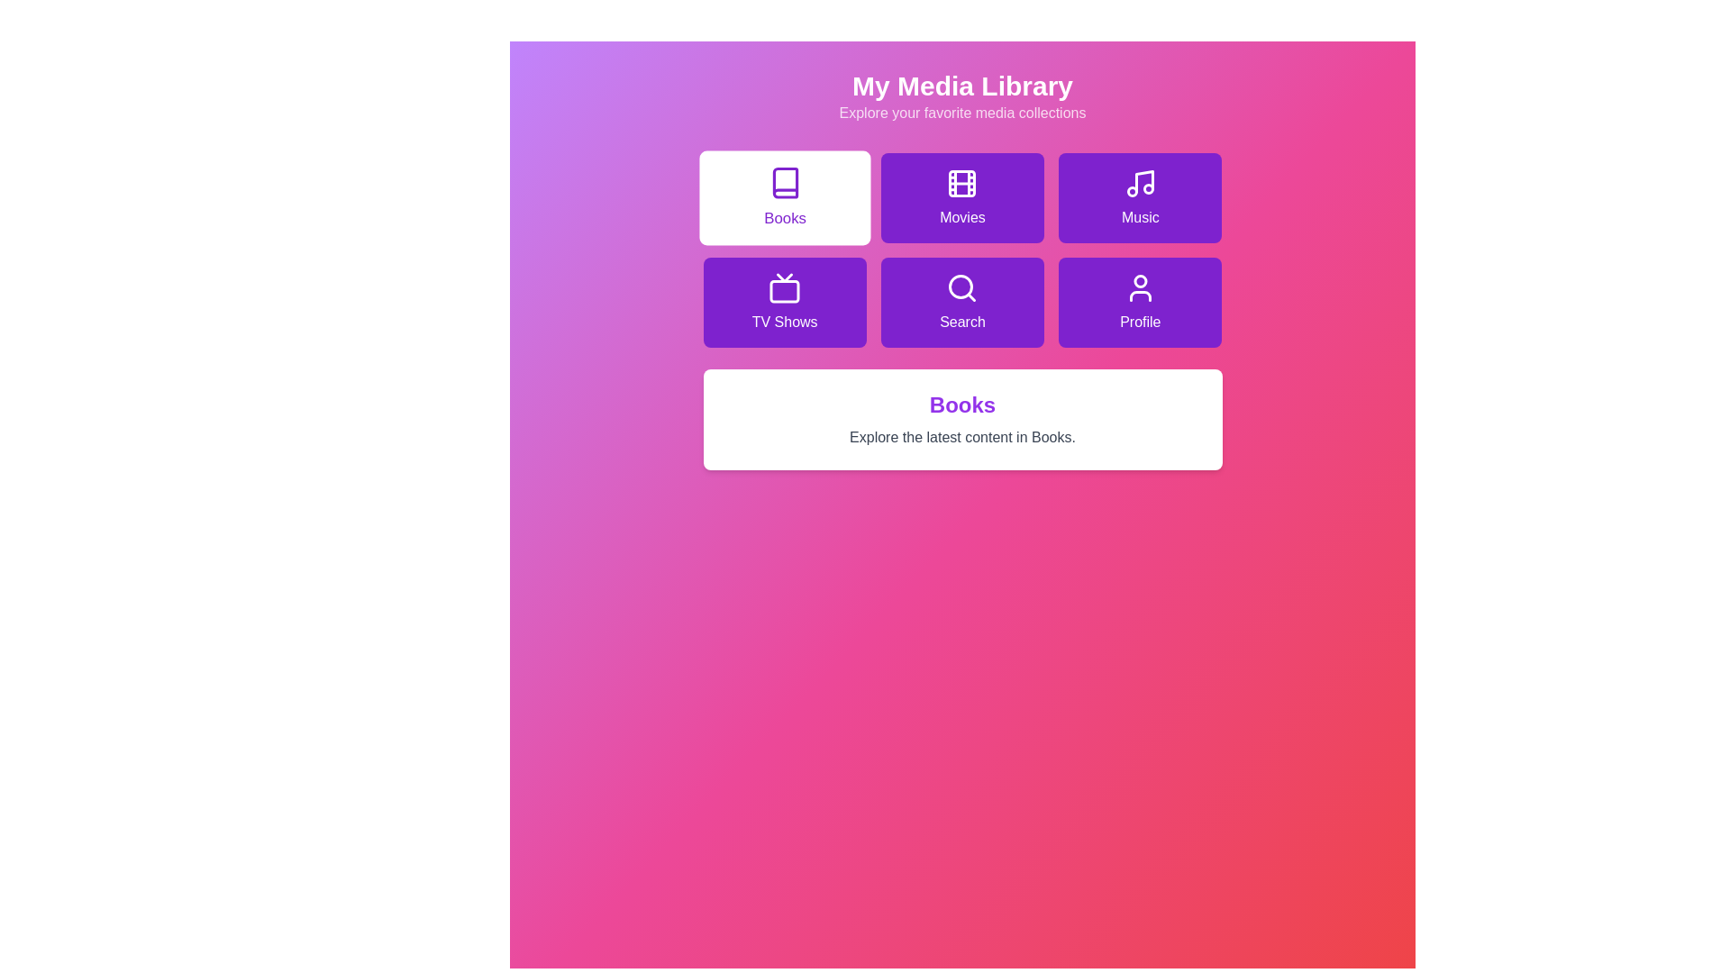 This screenshot has height=973, width=1730. I want to click on the graphic shape at the top-center of the TV shows icon, which features an antenna-style design, so click(785, 277).